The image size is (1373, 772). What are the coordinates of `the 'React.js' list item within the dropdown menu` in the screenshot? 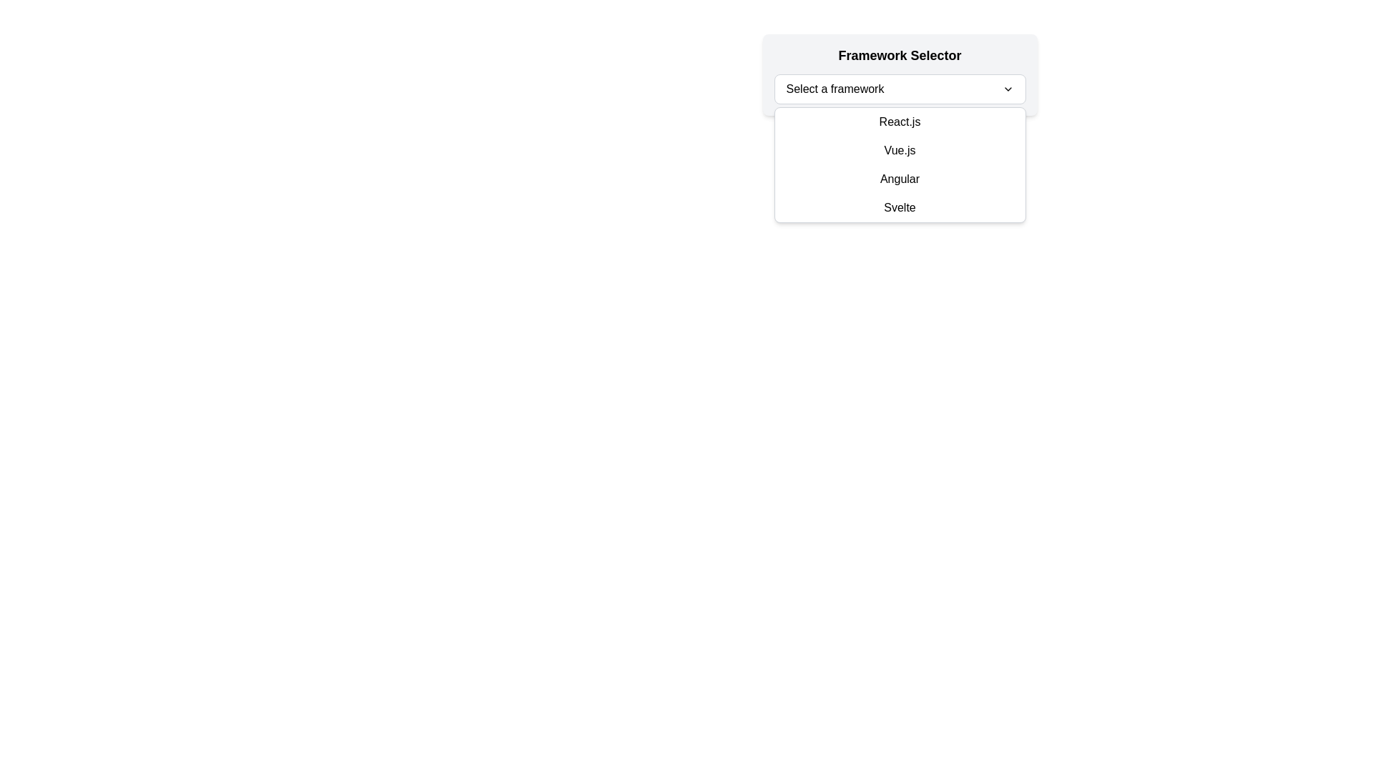 It's located at (899, 121).